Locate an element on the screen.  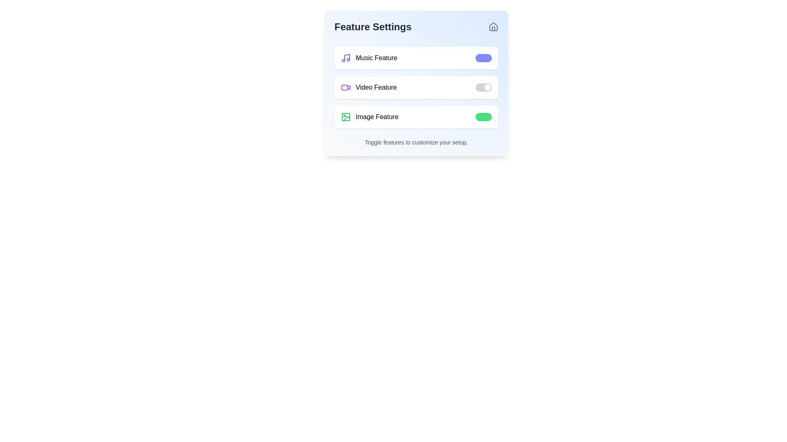
the text label in the first row of the feature settings list that describes the feature next to the music note icon and aligned with the toggle switch is located at coordinates (376, 58).